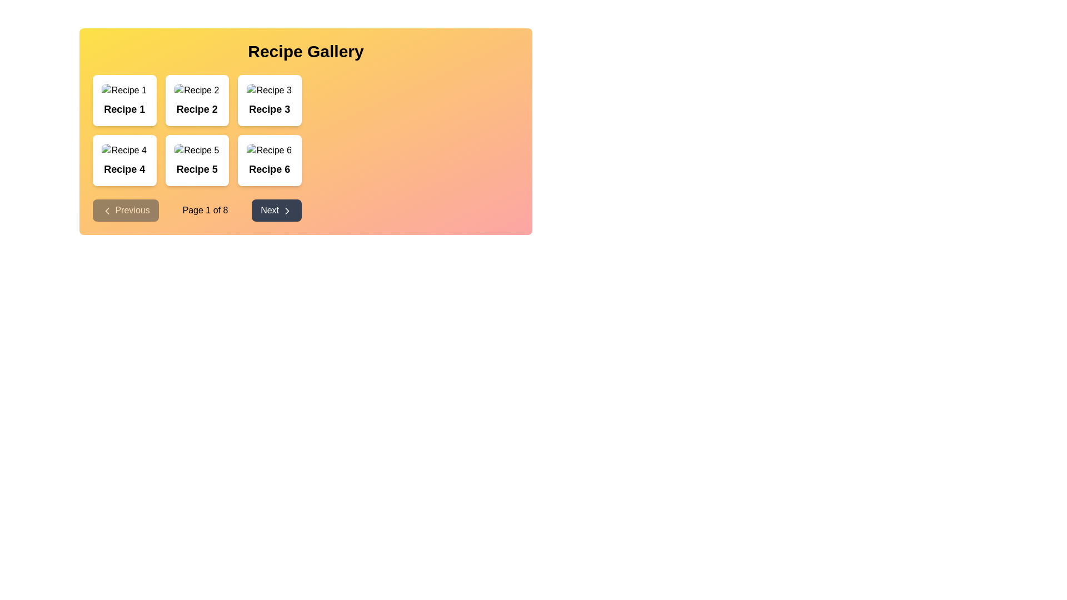  I want to click on the recipe title label located at the bottom of the second card in the top row of the 'Recipe Gallery' section, so click(197, 109).